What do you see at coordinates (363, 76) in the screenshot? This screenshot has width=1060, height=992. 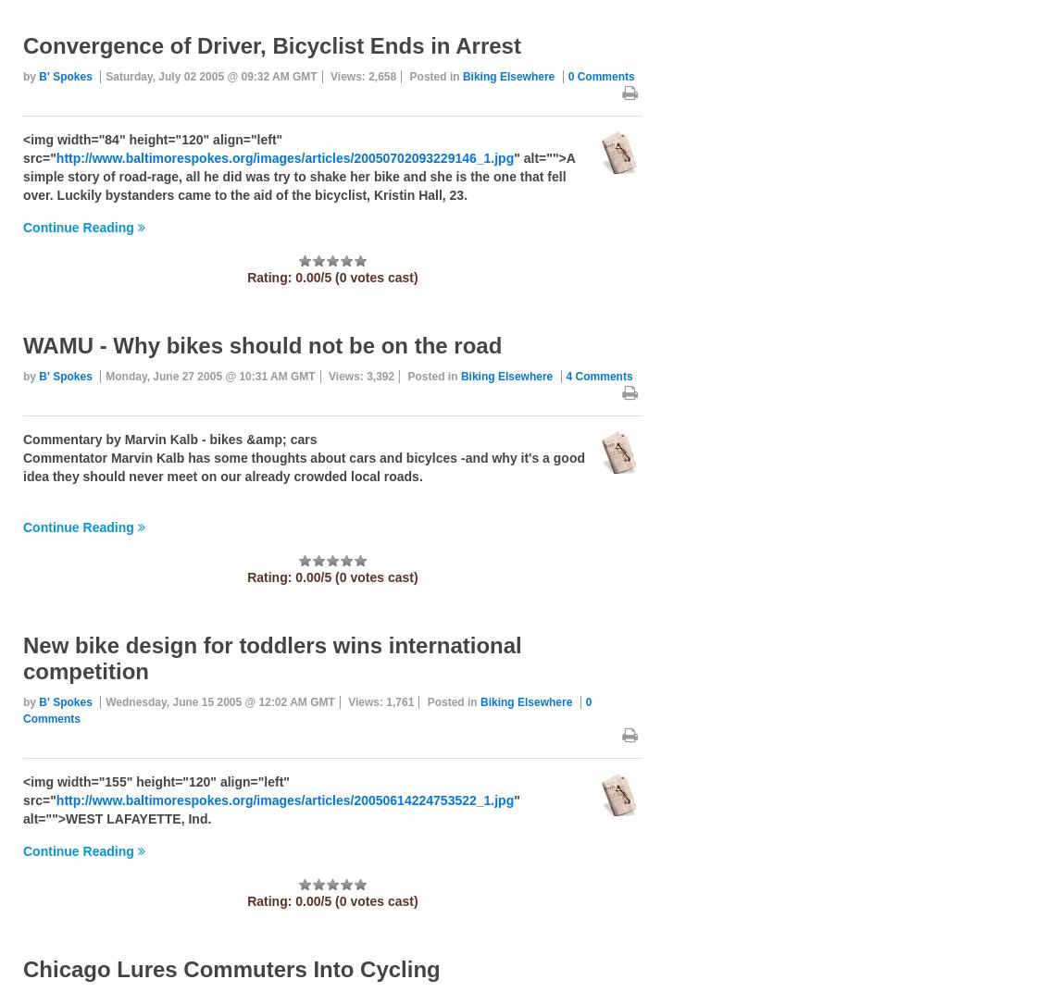 I see `'Views: 2,658'` at bounding box center [363, 76].